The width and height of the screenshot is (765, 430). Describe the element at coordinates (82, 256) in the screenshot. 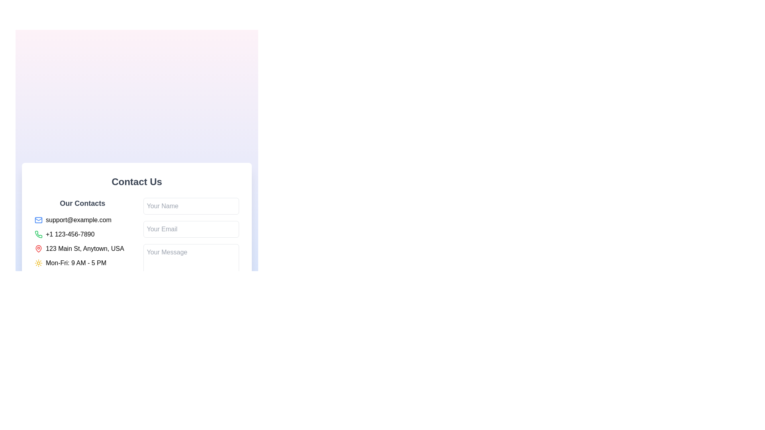

I see `the 'Our Contacts' text block in the left section of the contact form` at that location.